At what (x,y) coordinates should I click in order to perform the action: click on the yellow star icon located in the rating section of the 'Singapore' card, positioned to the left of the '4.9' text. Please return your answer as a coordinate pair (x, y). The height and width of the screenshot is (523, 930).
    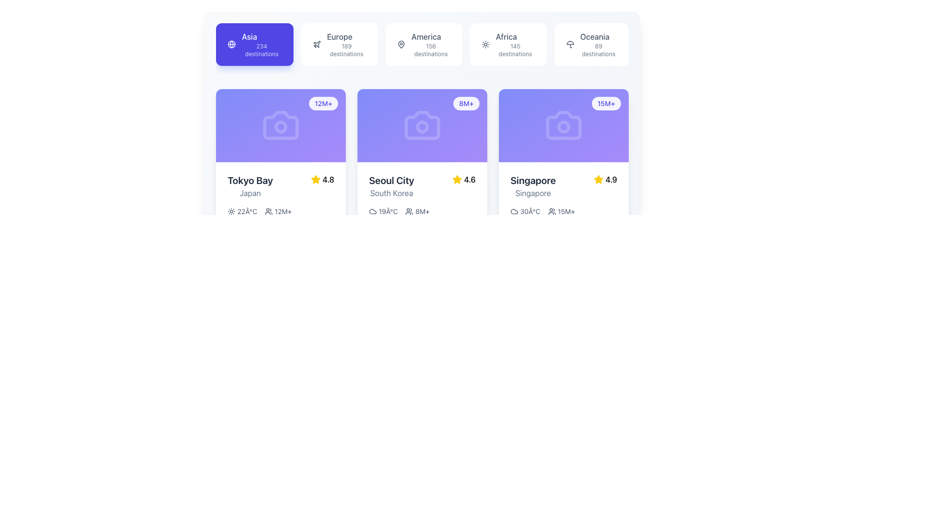
    Looking at the image, I should click on (598, 179).